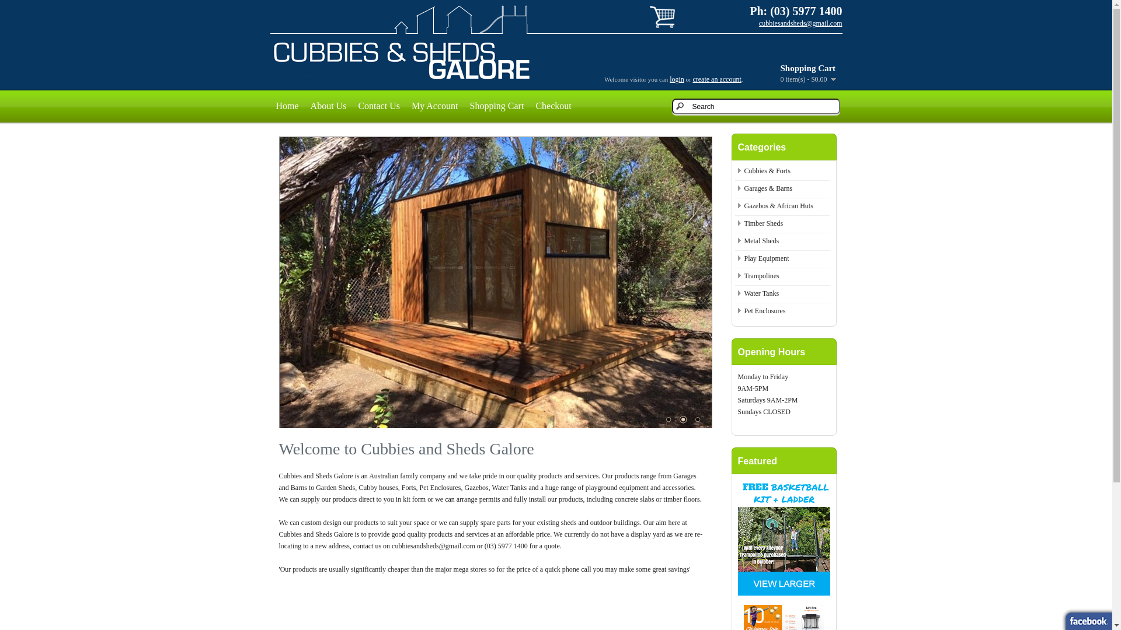 The height and width of the screenshot is (630, 1121). Describe the element at coordinates (756, 106) in the screenshot. I see `'Search'` at that location.